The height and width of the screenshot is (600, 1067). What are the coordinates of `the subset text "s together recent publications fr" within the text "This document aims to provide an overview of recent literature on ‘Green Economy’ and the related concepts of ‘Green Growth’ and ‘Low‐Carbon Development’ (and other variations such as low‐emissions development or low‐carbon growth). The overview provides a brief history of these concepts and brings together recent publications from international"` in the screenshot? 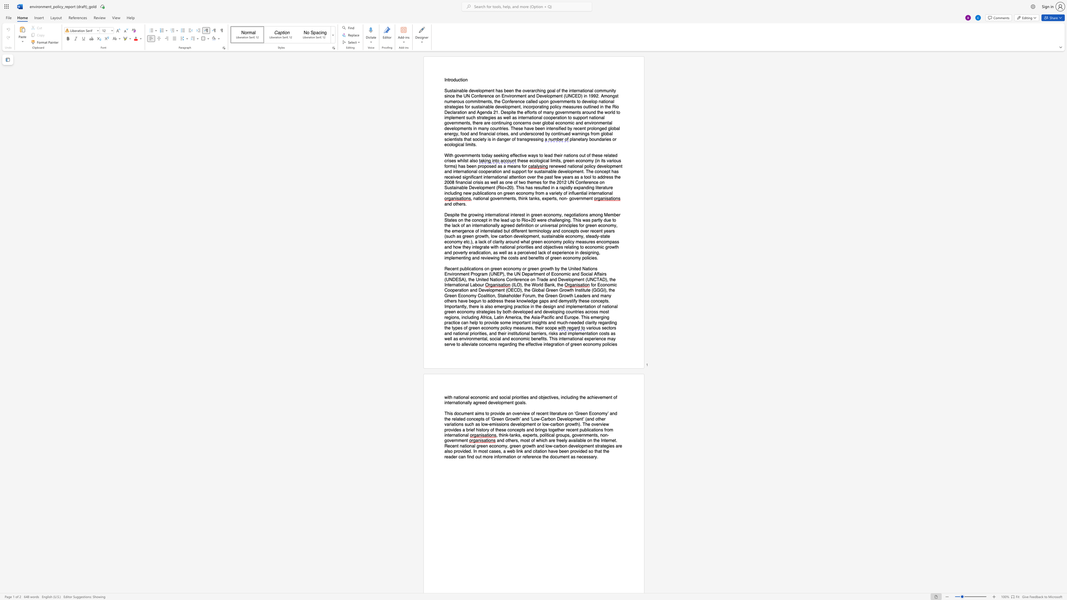 It's located at (545, 430).